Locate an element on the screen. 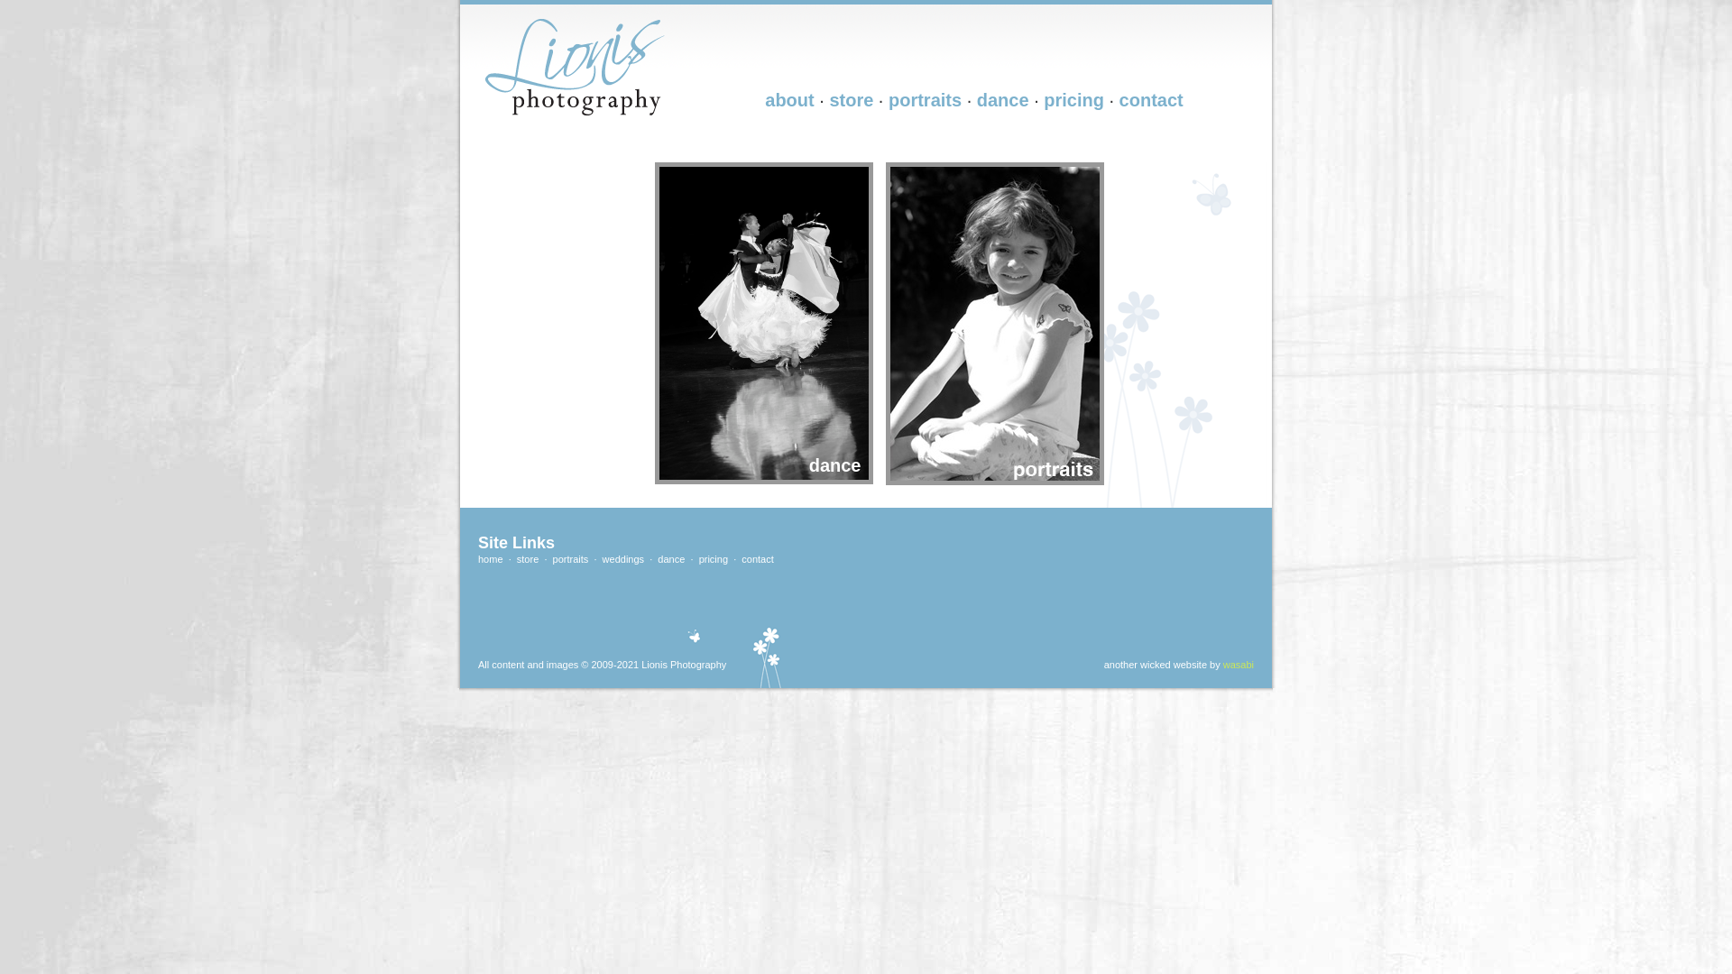  'store' is located at coordinates (850, 100).